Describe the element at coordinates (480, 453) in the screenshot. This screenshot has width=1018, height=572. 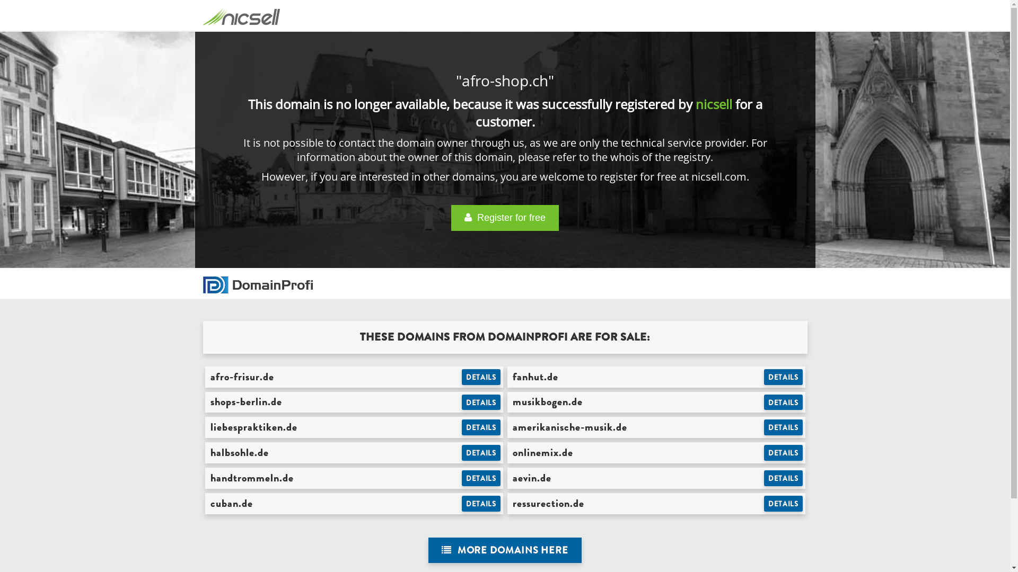
I see `'DETAILS'` at that location.